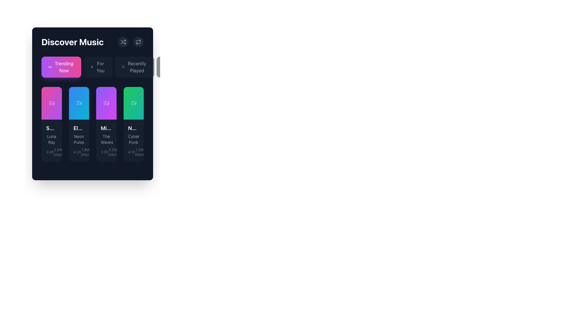 This screenshot has width=561, height=315. What do you see at coordinates (112, 152) in the screenshot?
I see `the static text label displaying '3.2M plays' located in the bottom-right corner of the third card in the 'Trending Now' section` at bounding box center [112, 152].